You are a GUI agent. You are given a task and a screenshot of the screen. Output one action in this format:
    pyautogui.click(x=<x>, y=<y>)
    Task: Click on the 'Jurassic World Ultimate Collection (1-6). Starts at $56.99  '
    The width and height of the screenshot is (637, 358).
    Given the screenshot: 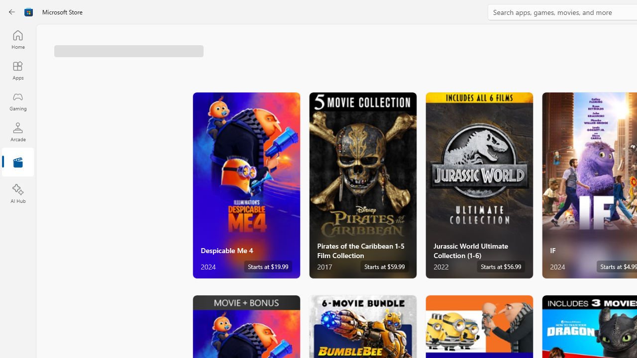 What is the action you would take?
    pyautogui.click(x=479, y=185)
    